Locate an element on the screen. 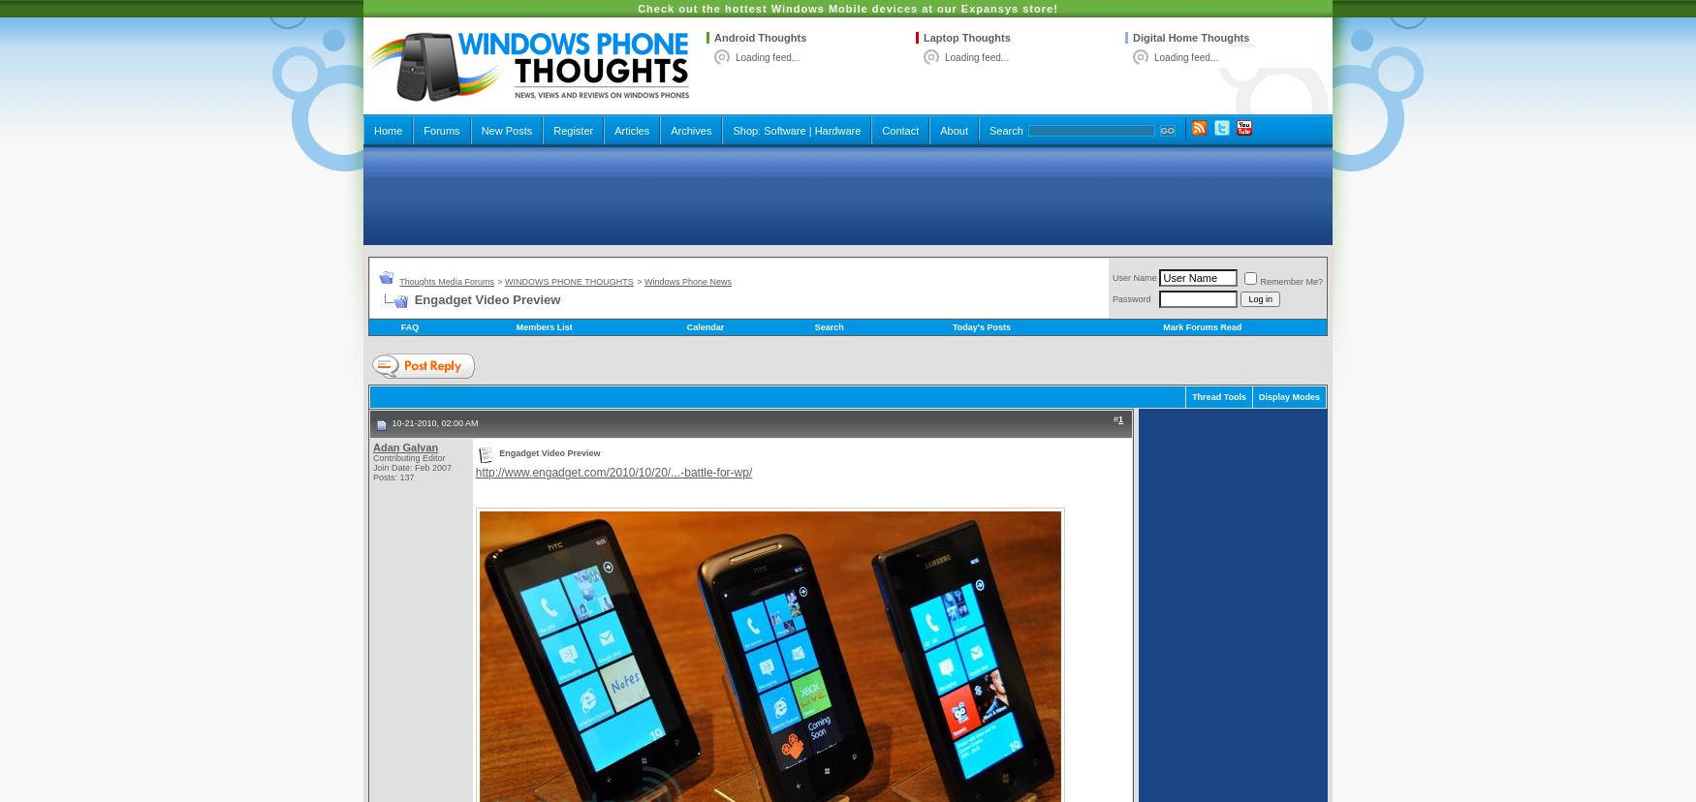  'http://www.engadget.com/2010/10/20/...-battle-for-wp/' is located at coordinates (612, 473).